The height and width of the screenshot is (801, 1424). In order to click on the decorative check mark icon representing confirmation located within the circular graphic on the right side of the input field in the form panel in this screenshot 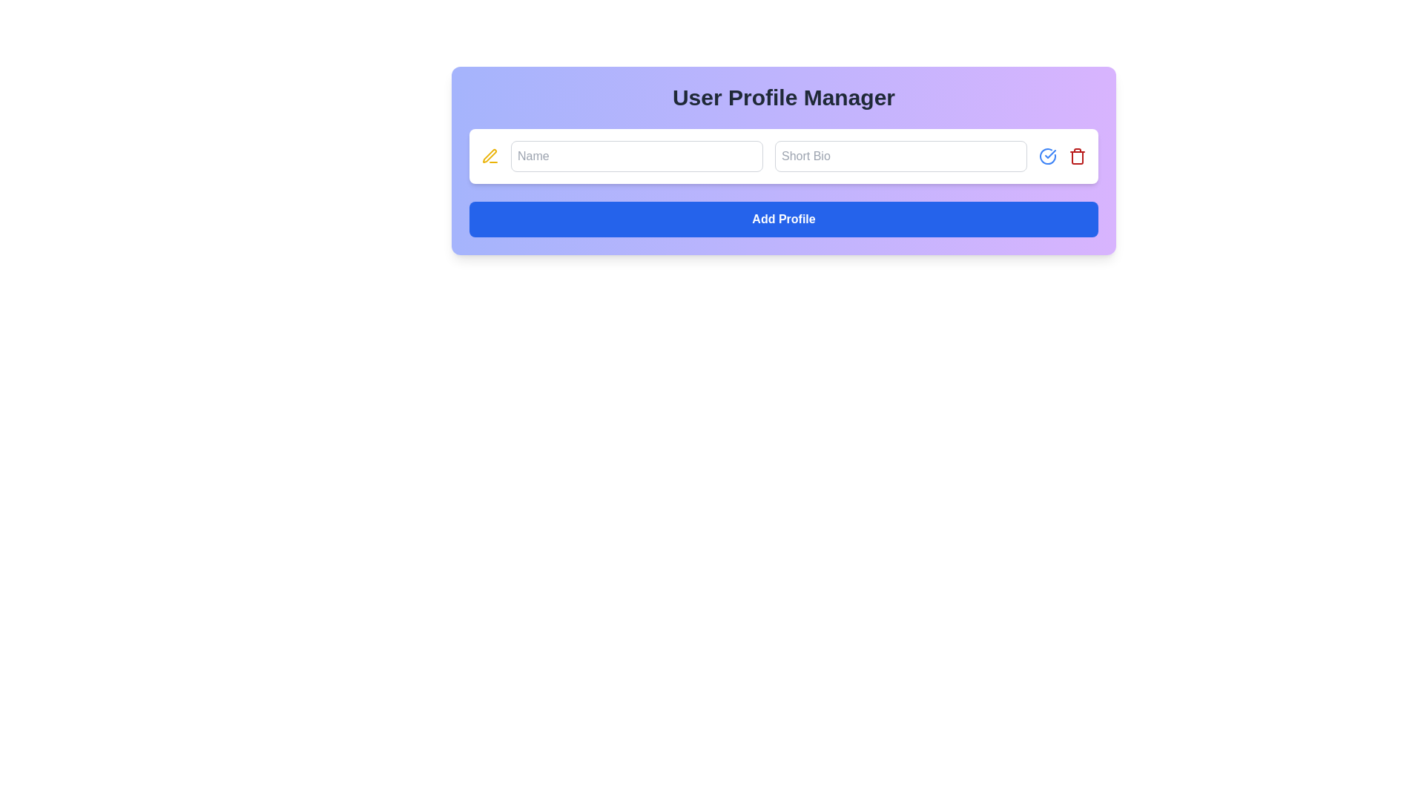, I will do `click(1049, 154)`.